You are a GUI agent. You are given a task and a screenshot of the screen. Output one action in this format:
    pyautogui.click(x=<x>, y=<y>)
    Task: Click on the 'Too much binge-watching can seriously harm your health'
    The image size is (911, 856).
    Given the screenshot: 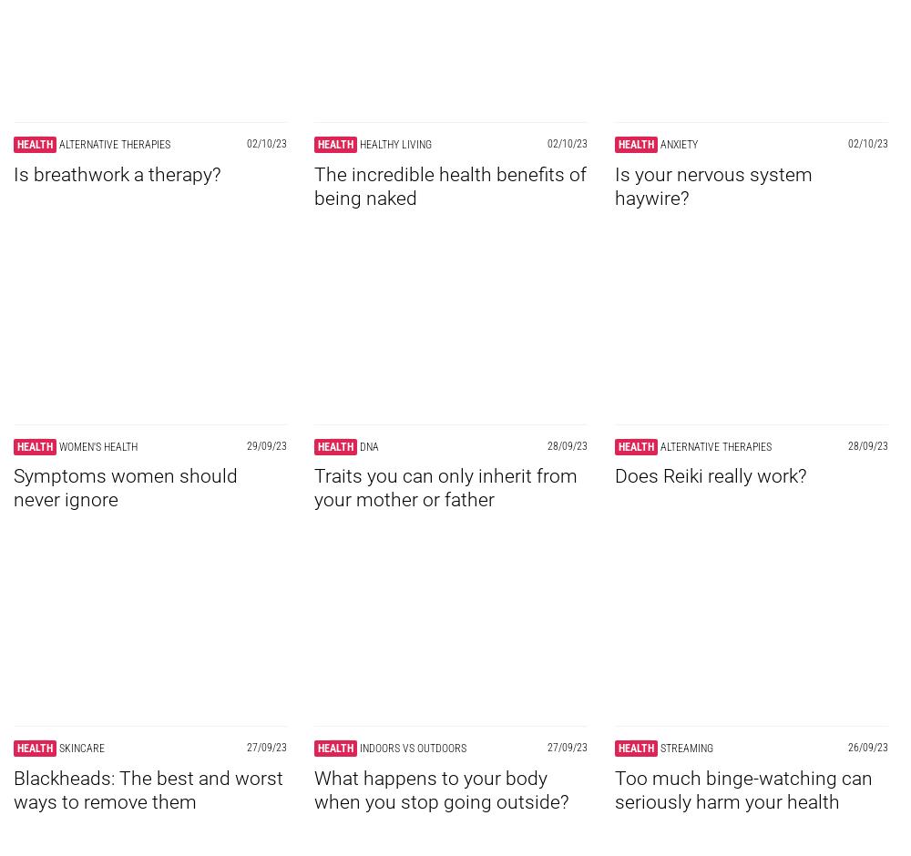 What is the action you would take?
    pyautogui.click(x=742, y=789)
    